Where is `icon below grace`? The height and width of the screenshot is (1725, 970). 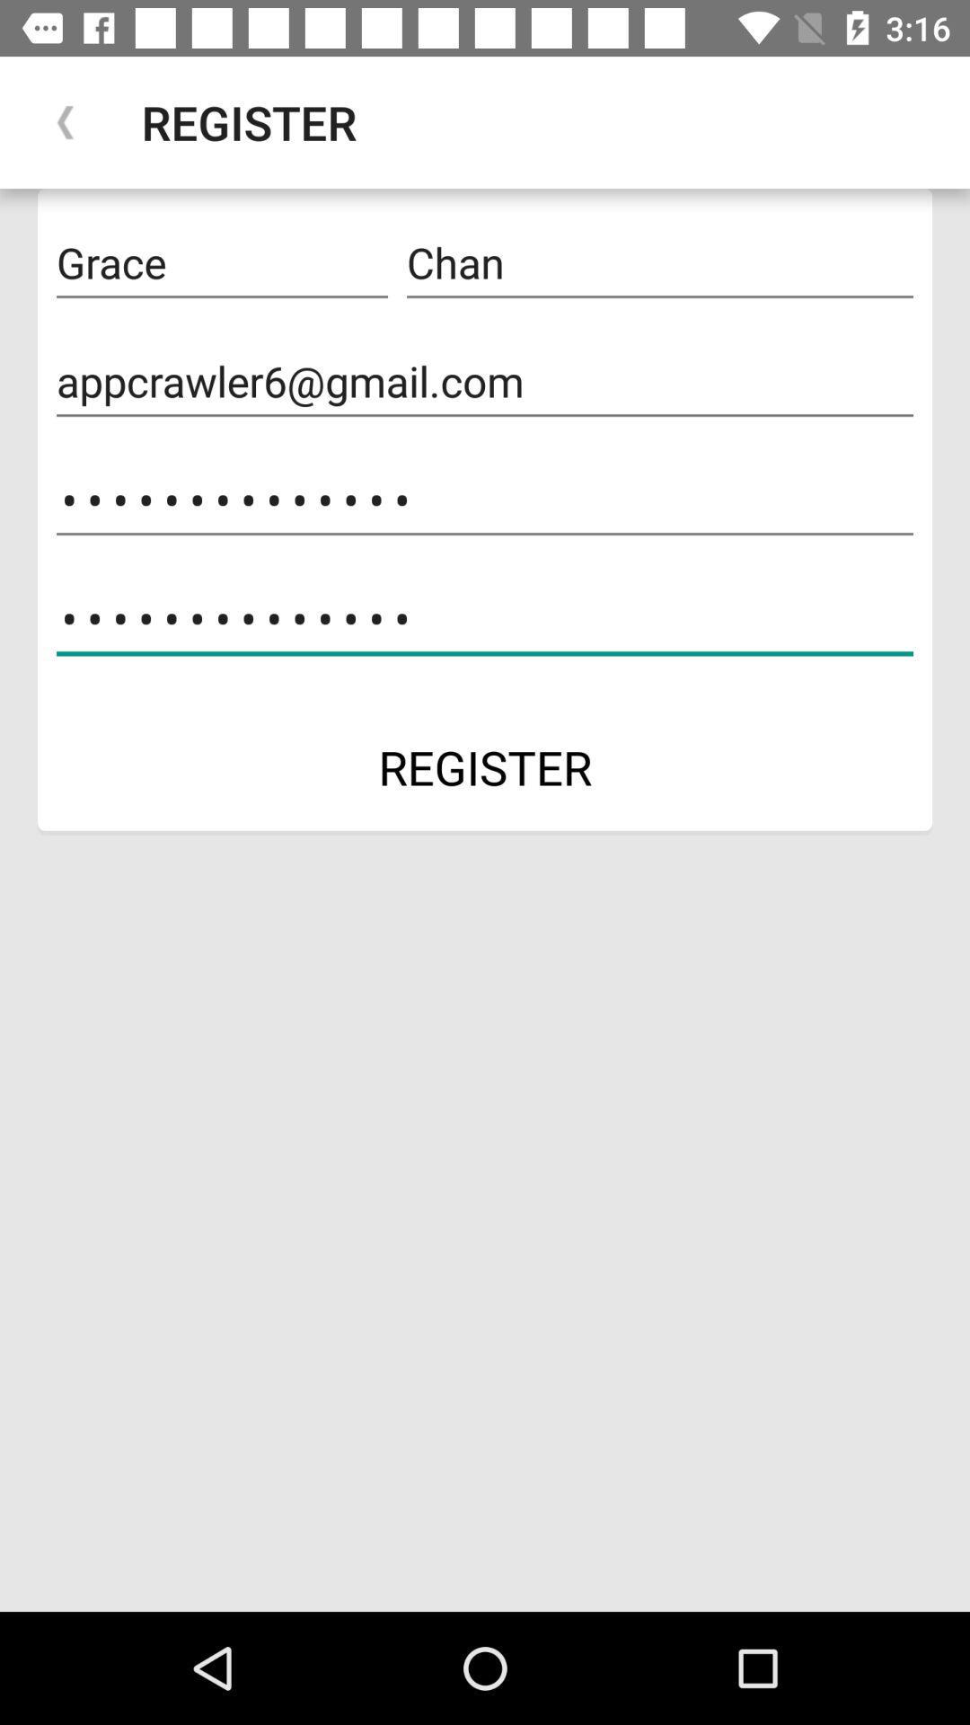
icon below grace is located at coordinates (485, 381).